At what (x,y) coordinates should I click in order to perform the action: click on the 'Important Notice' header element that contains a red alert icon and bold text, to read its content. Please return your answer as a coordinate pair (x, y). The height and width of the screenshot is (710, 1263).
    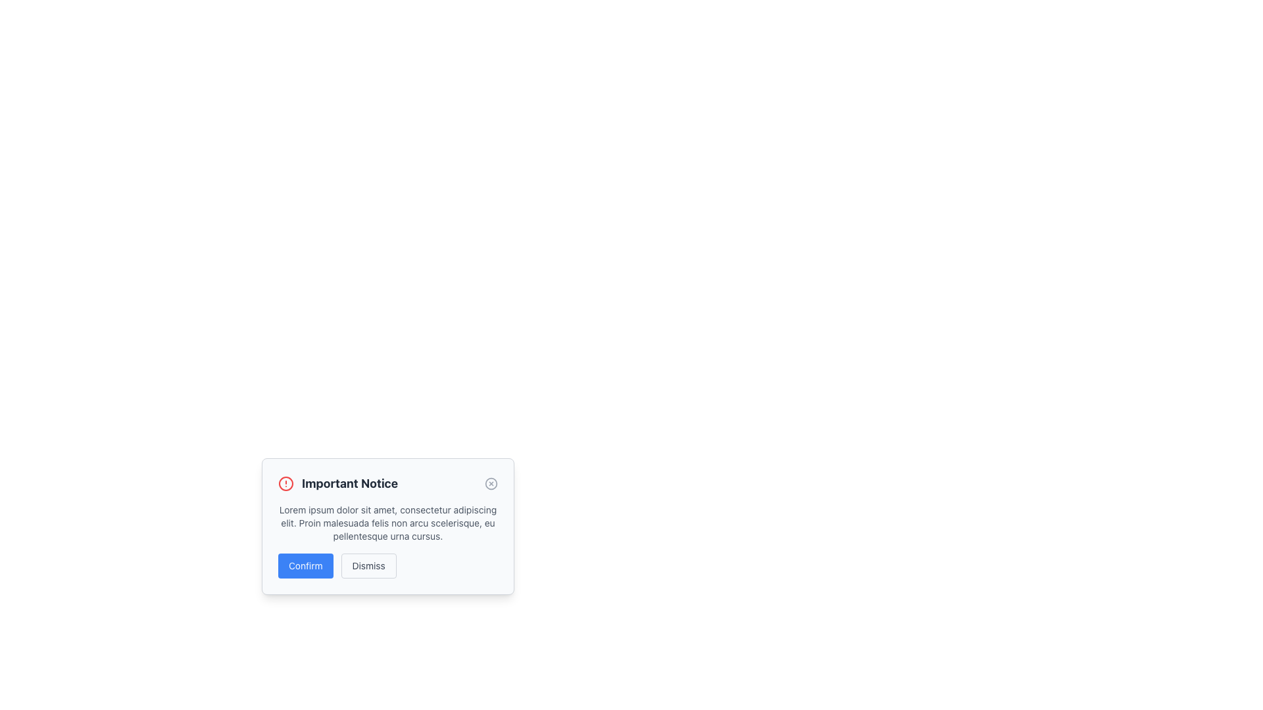
    Looking at the image, I should click on (337, 484).